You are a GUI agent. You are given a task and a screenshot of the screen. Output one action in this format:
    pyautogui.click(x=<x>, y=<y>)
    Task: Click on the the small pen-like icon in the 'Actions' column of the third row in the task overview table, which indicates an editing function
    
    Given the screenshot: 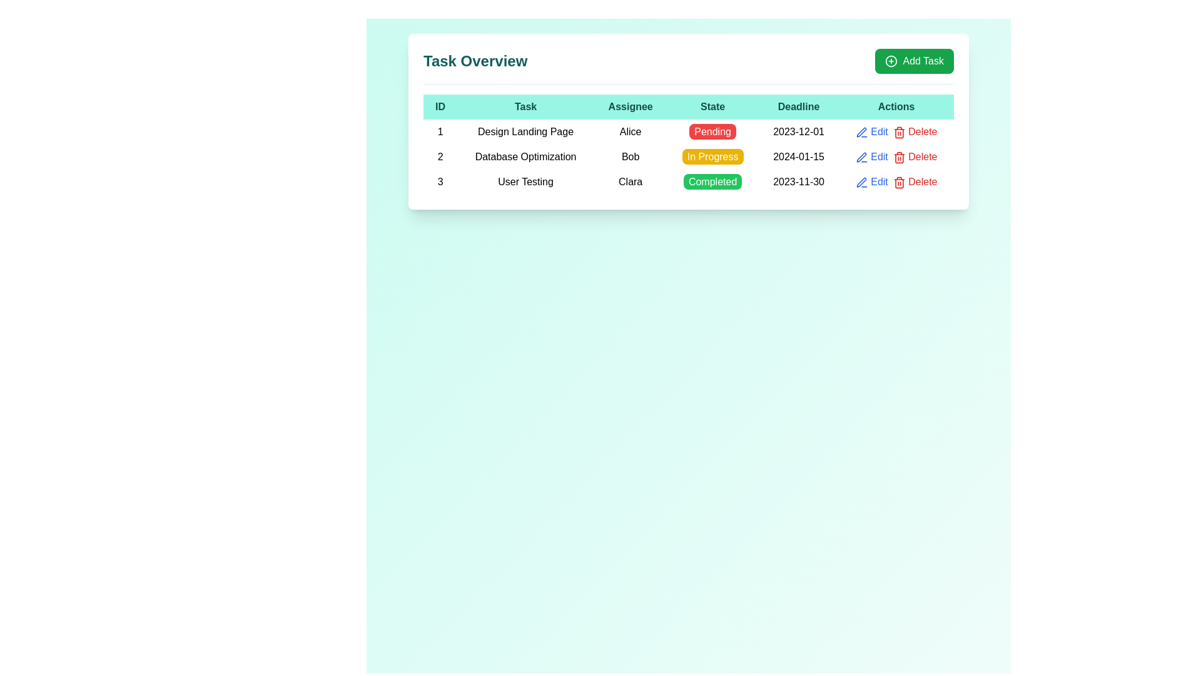 What is the action you would take?
    pyautogui.click(x=861, y=182)
    